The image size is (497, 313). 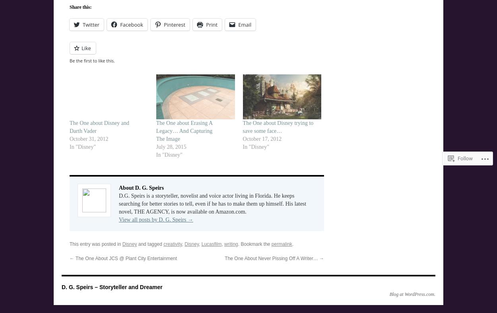 What do you see at coordinates (163, 244) in the screenshot?
I see `'creativity'` at bounding box center [163, 244].